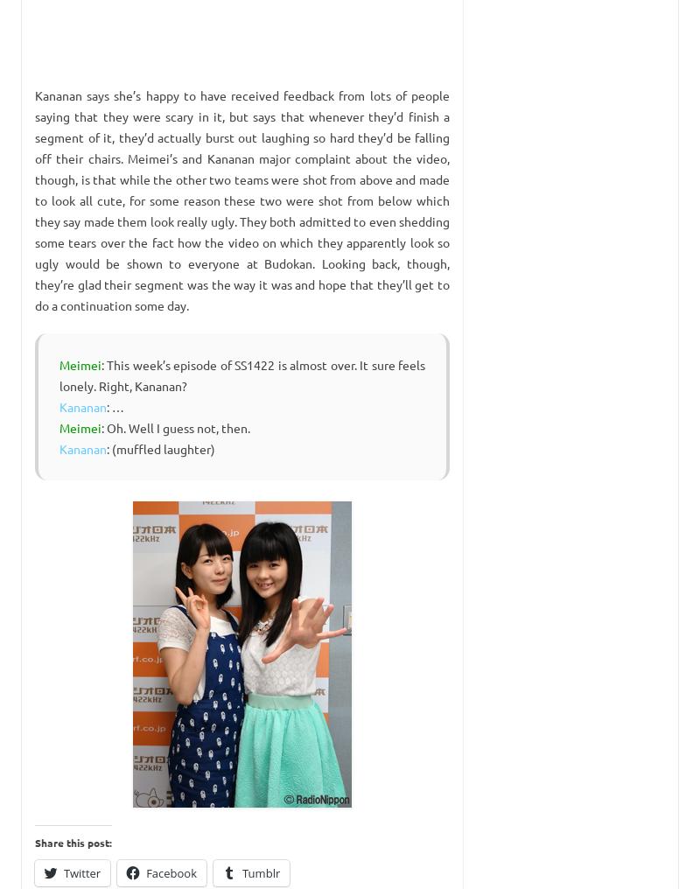  What do you see at coordinates (242, 872) in the screenshot?
I see `'Tumblr'` at bounding box center [242, 872].